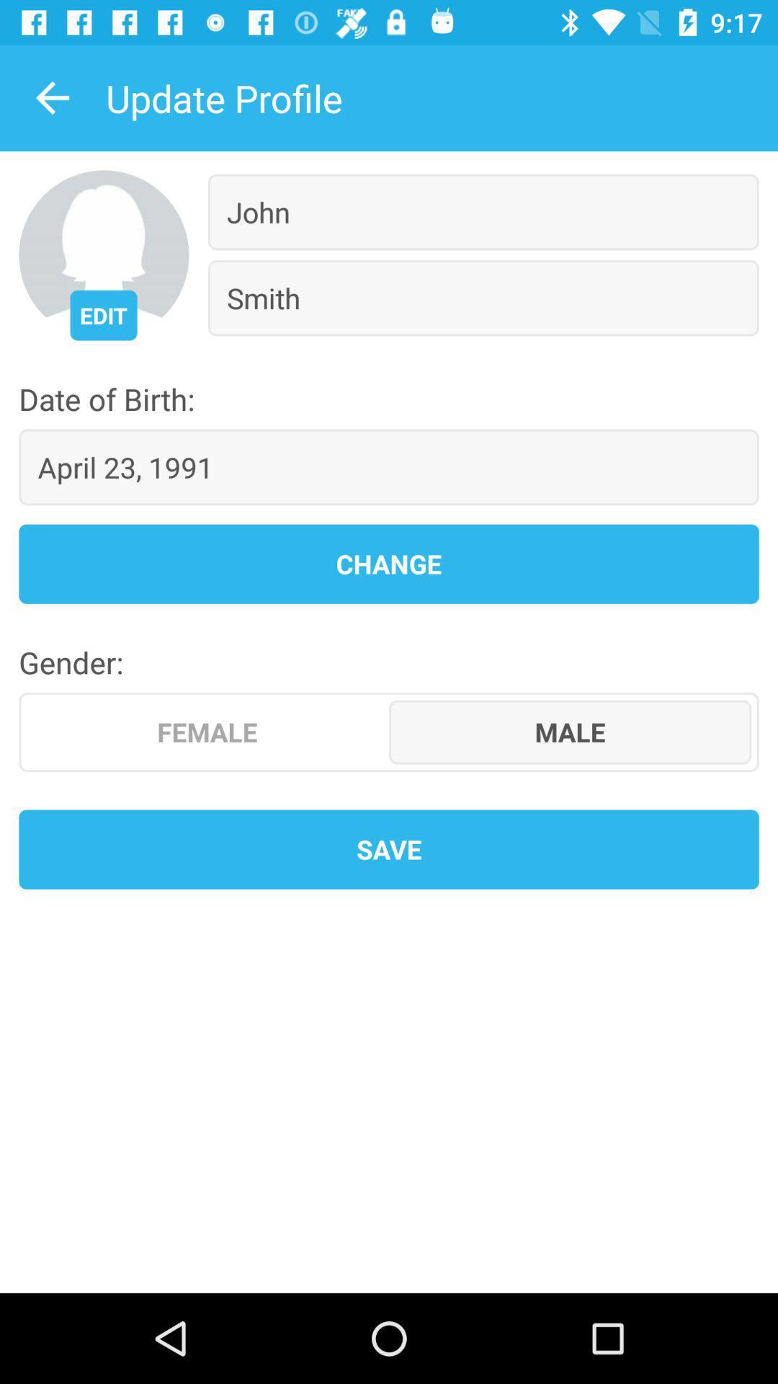 This screenshot has height=1384, width=778. What do you see at coordinates (207, 732) in the screenshot?
I see `icon on the left` at bounding box center [207, 732].